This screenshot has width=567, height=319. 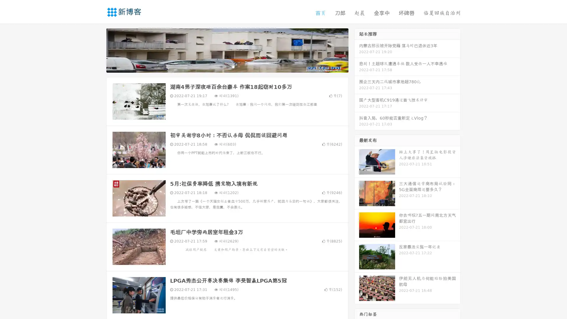 I want to click on Go to slide 2, so click(x=227, y=66).